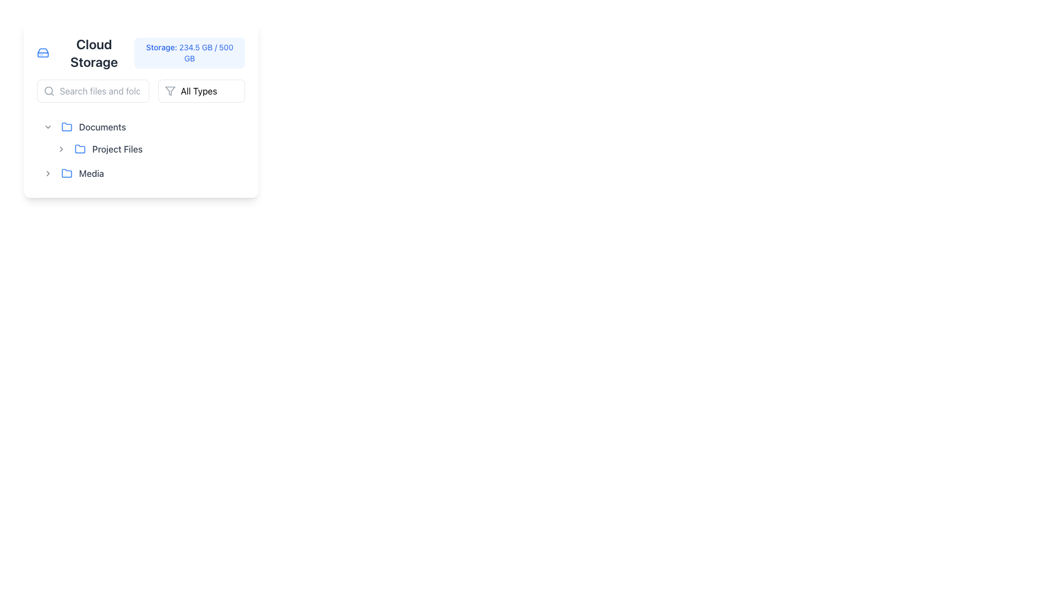 This screenshot has width=1062, height=597. Describe the element at coordinates (60, 149) in the screenshot. I see `the right-pointing chevron button, styled with rounded edges and muted gray color, located in the left column menu of the cloud storage interface` at that location.